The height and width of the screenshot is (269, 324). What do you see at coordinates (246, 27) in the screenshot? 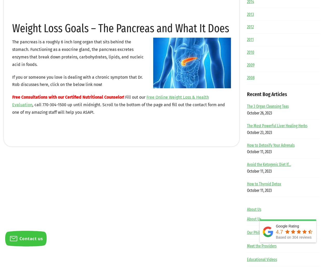
I see `'2012'` at bounding box center [246, 27].